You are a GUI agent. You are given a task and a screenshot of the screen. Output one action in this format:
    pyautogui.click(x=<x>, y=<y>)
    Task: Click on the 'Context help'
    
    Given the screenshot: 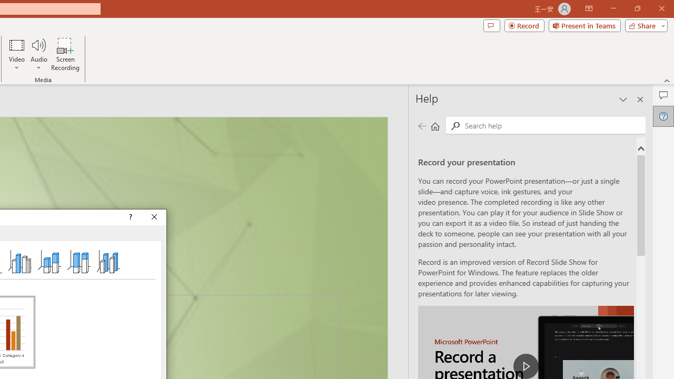 What is the action you would take?
    pyautogui.click(x=129, y=216)
    